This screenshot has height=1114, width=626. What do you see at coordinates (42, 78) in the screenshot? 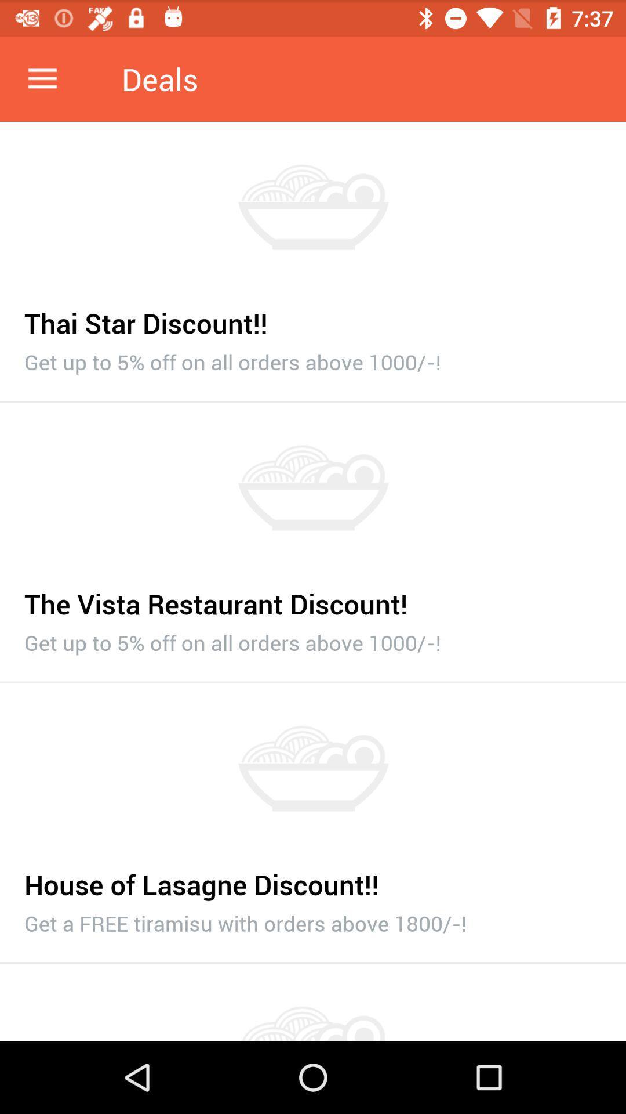
I see `the item to the left of deals item` at bounding box center [42, 78].